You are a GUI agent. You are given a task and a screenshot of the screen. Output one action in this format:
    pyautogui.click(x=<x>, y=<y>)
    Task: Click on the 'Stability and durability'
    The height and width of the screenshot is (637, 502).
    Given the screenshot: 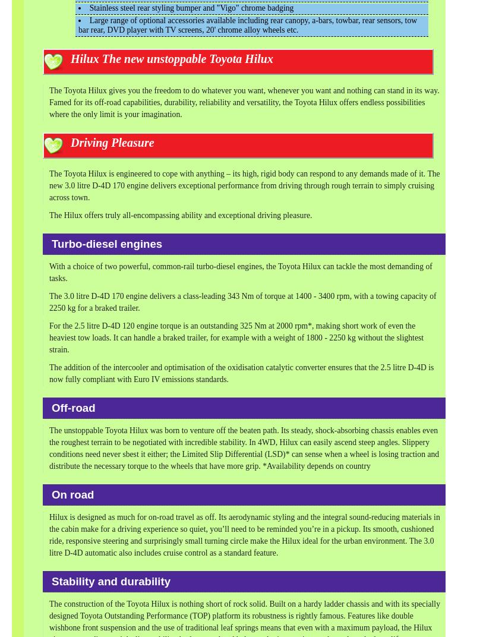 What is the action you would take?
    pyautogui.click(x=110, y=581)
    